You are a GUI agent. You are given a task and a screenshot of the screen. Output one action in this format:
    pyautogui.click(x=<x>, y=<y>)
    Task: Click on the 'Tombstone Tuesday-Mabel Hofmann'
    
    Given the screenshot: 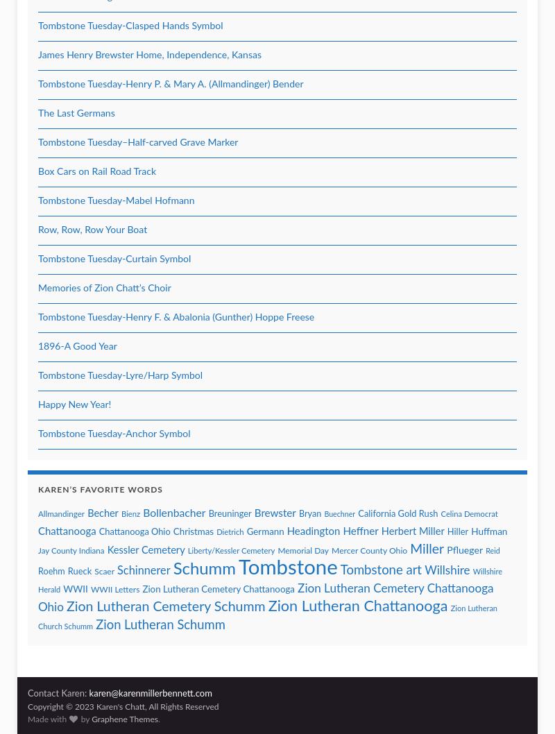 What is the action you would take?
    pyautogui.click(x=37, y=200)
    